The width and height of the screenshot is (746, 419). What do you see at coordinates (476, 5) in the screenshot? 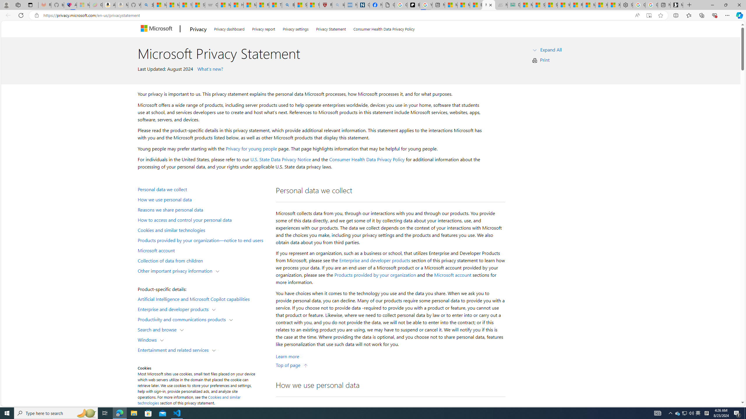
I see `'Entertainment - MSN'` at bounding box center [476, 5].